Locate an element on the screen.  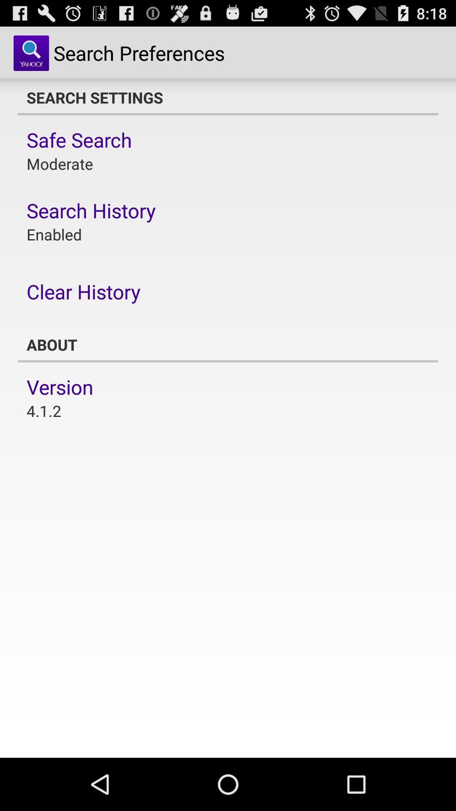
moderate app is located at coordinates (59, 163).